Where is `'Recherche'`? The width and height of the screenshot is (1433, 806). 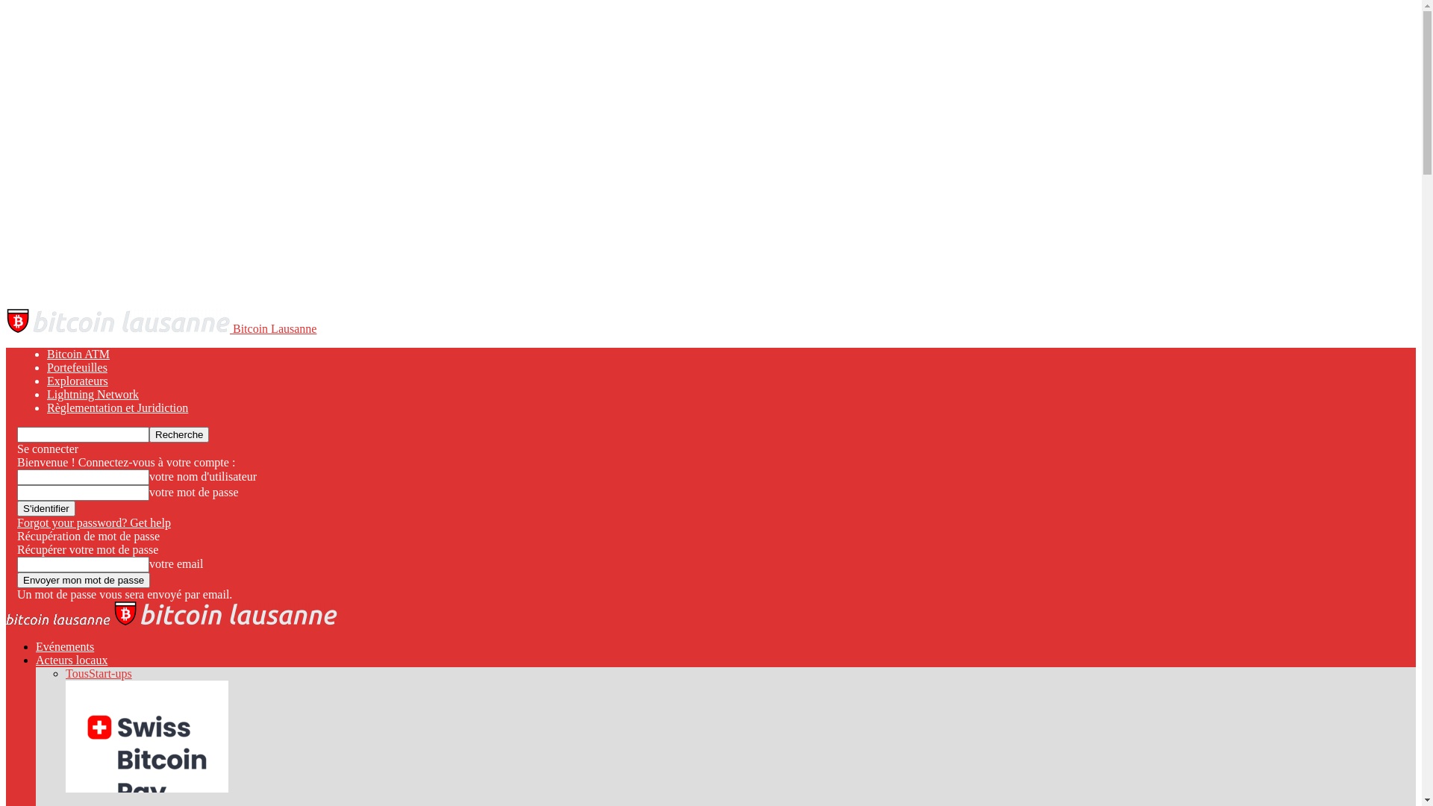
'Recherche' is located at coordinates (179, 434).